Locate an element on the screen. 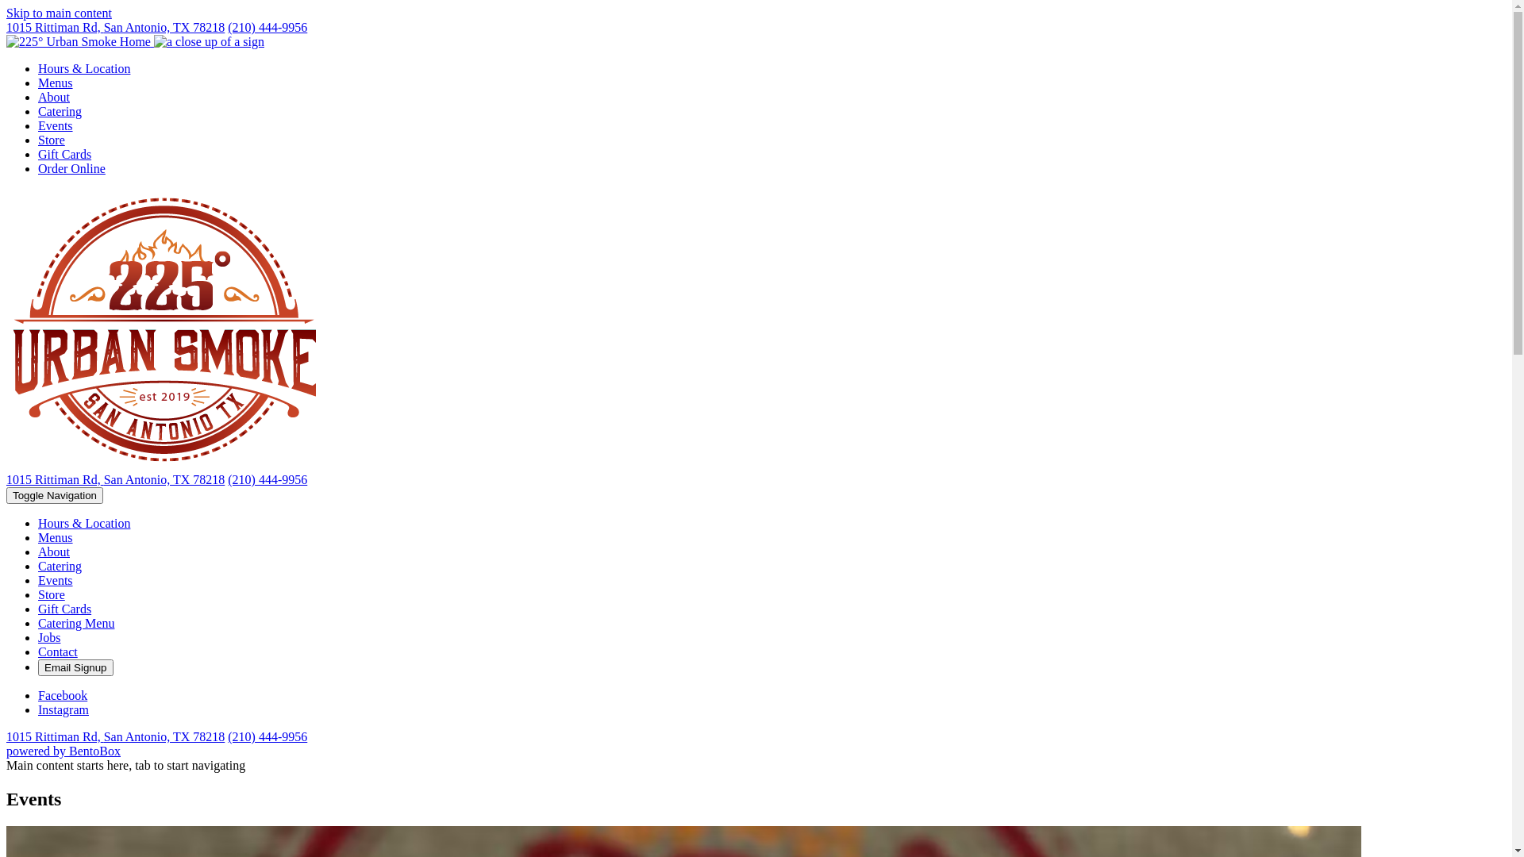  'Skip to main content' is located at coordinates (6, 13).